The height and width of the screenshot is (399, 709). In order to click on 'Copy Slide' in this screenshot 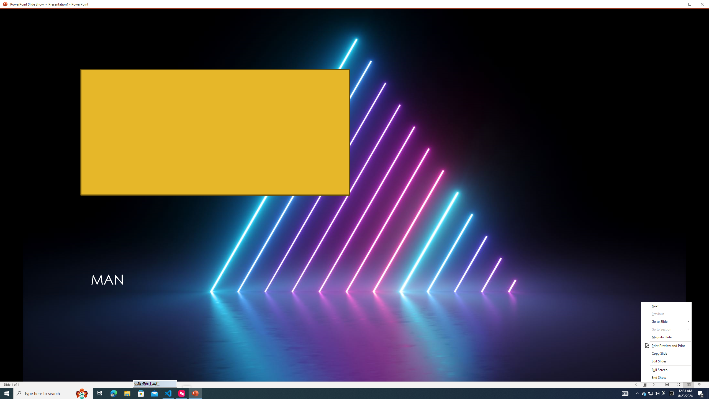, I will do `click(666, 353)`.